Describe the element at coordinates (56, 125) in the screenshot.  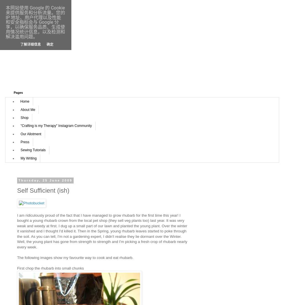
I see `'"Crafting is my Therapy" Instagram Community'` at that location.